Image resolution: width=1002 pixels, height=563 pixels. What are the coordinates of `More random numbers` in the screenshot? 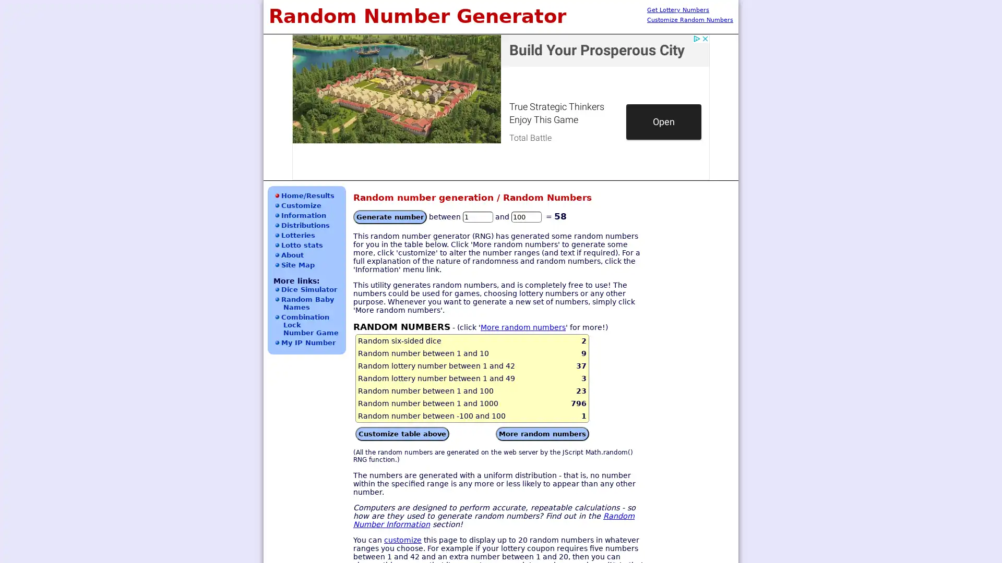 It's located at (542, 433).